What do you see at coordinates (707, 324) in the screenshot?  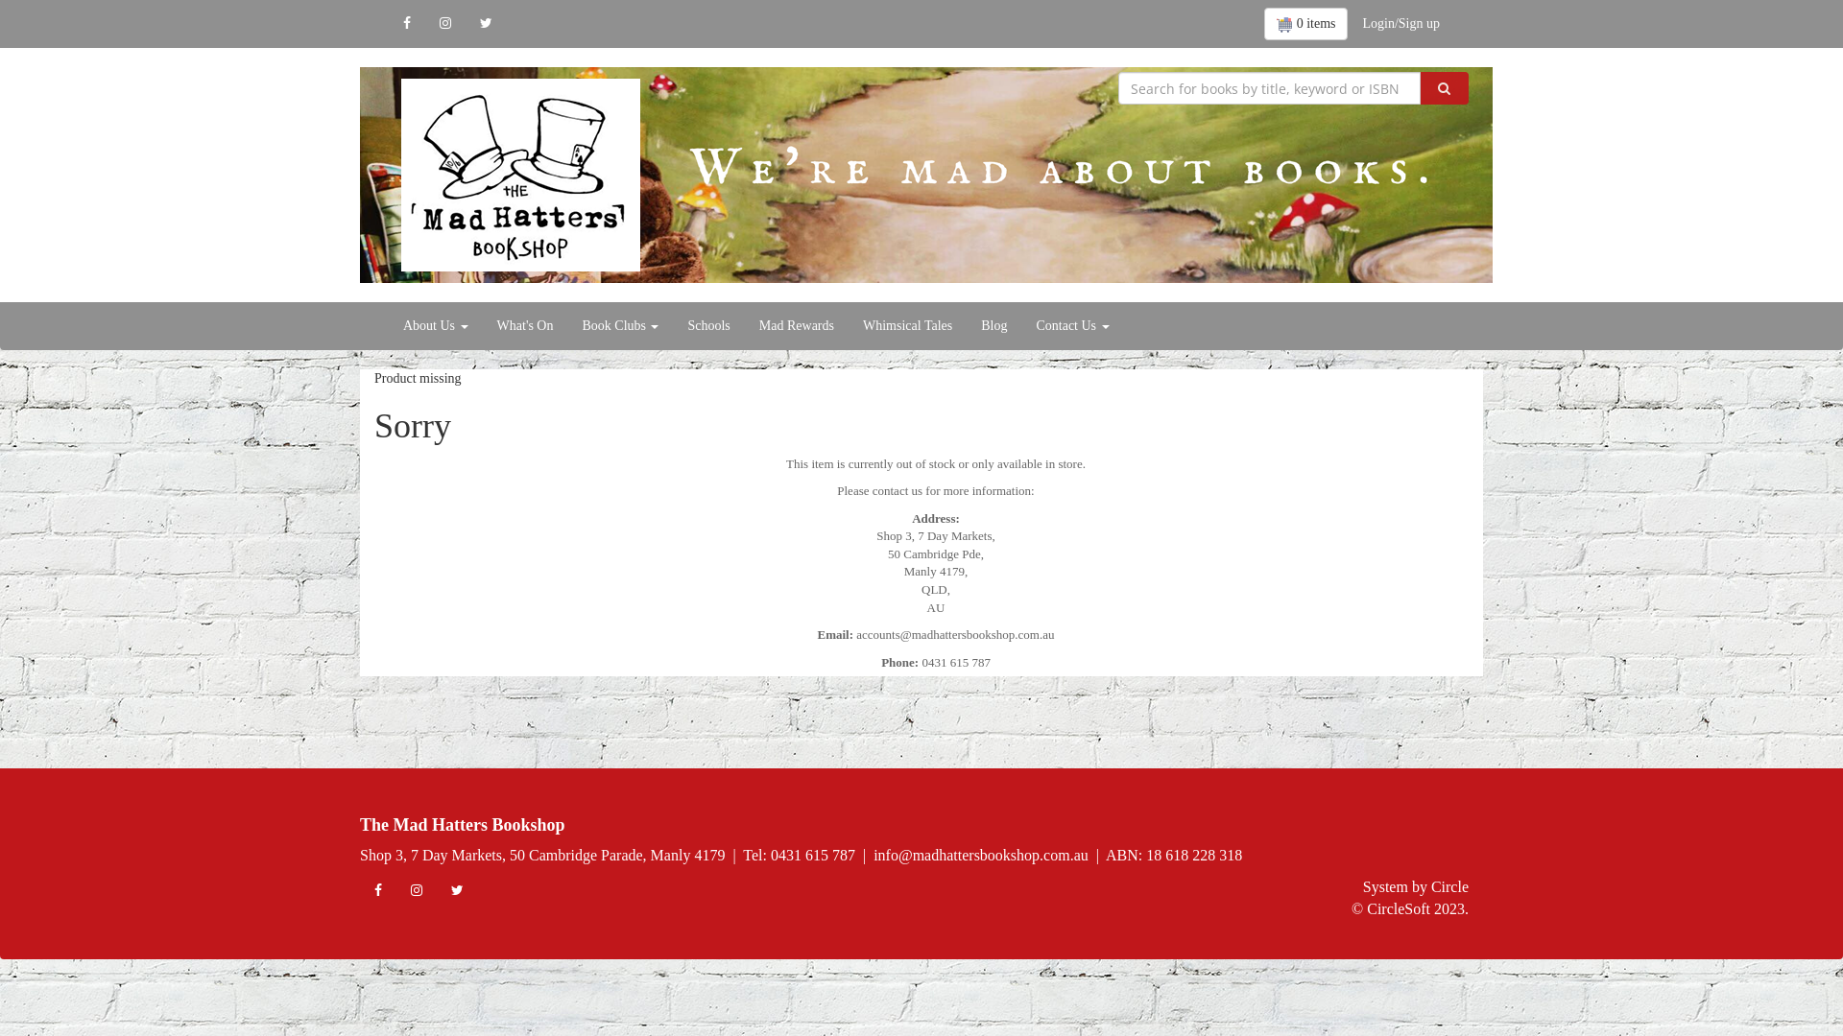 I see `'Schools'` at bounding box center [707, 324].